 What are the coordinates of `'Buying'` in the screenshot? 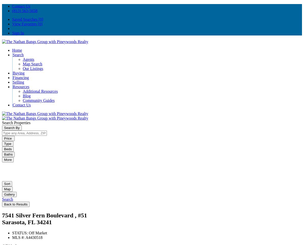 It's located at (18, 73).